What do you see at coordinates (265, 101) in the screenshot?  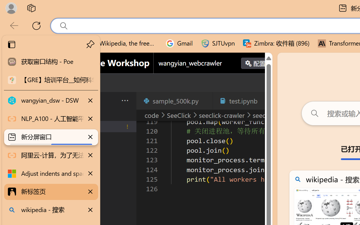 I see `'Tab actions'` at bounding box center [265, 101].